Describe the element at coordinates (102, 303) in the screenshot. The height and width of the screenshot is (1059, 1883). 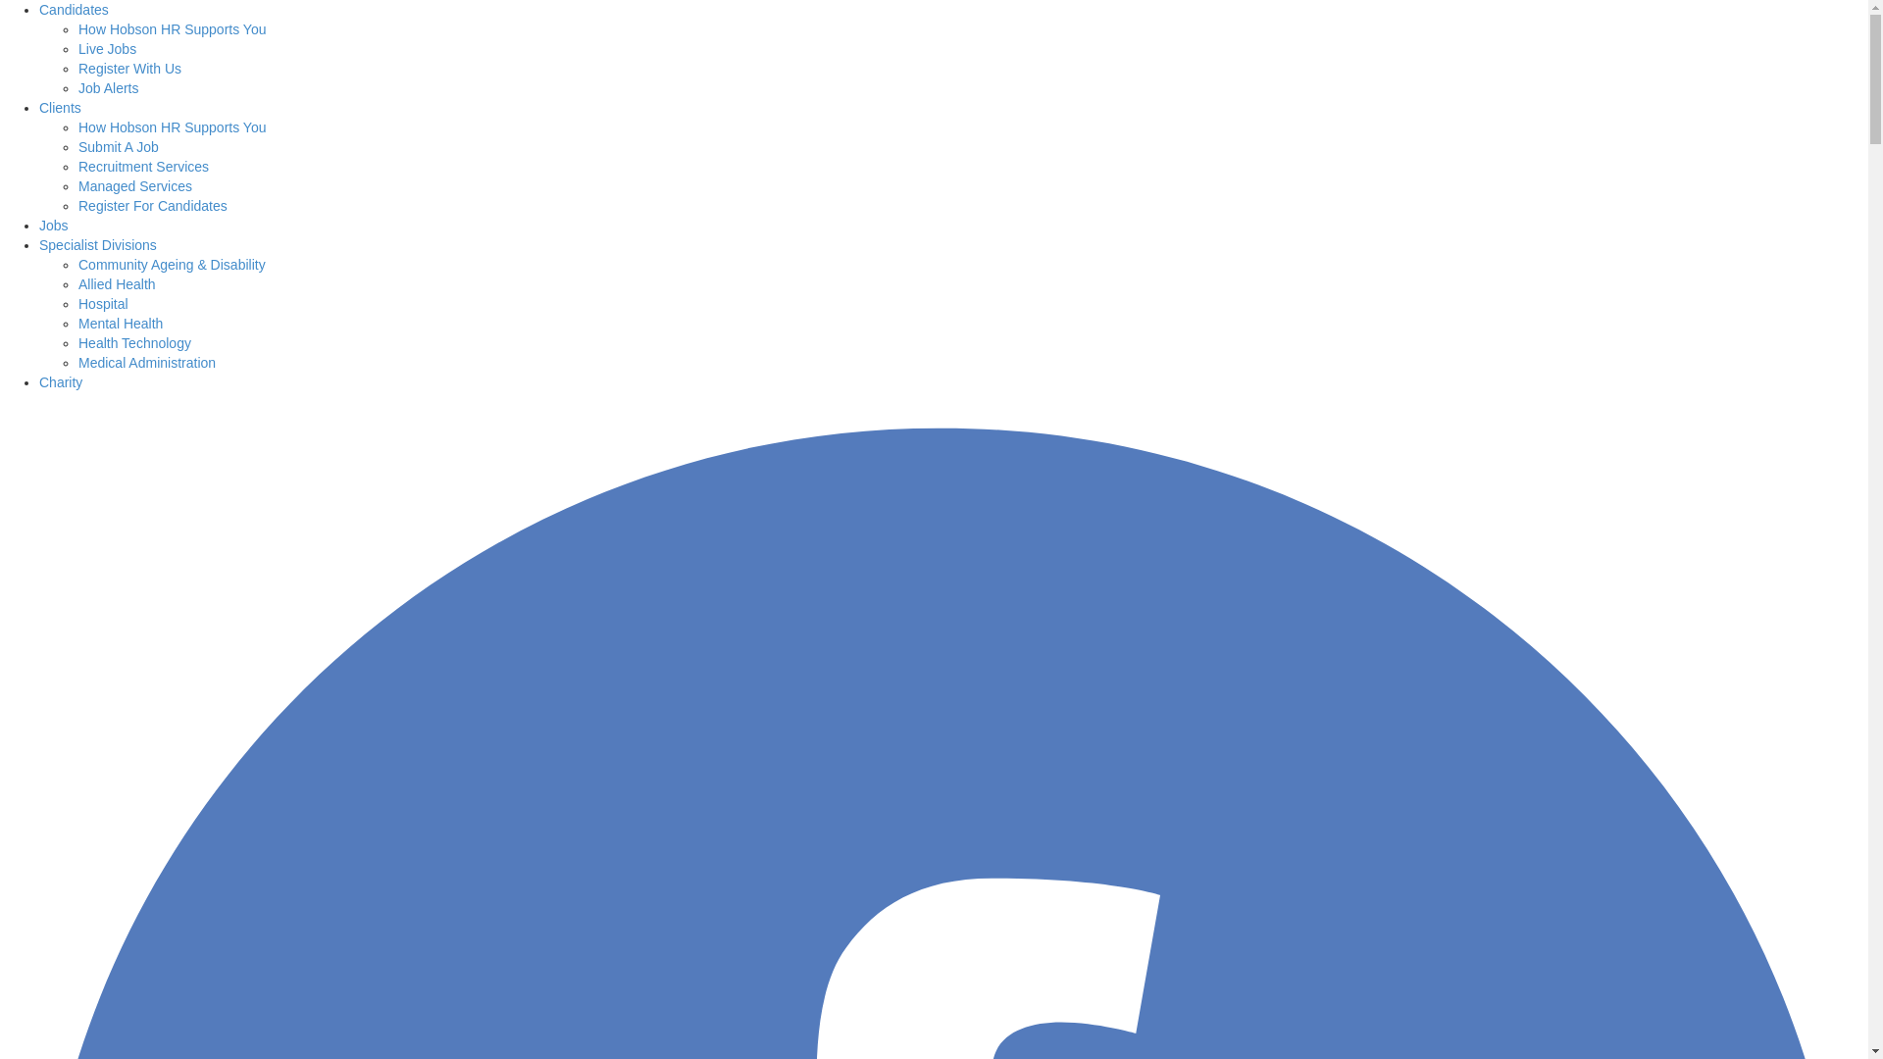
I see `'Hospital'` at that location.